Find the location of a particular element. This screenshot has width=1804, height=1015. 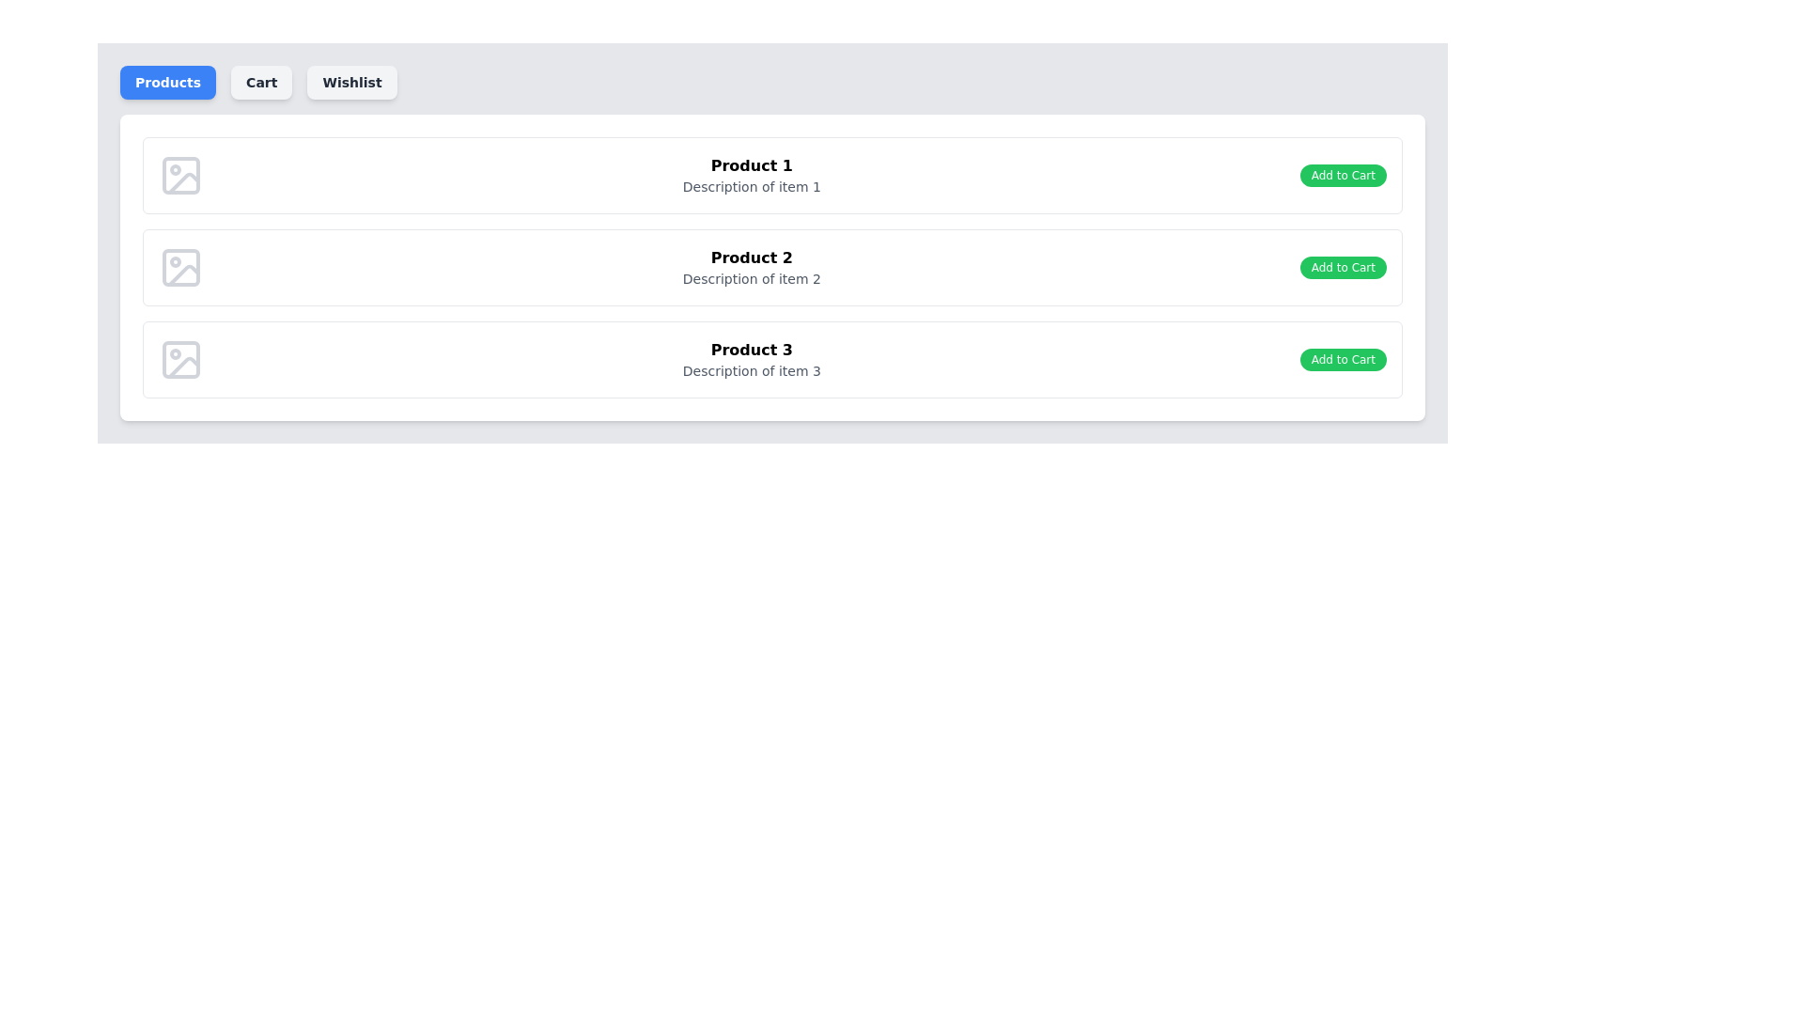

the appearance of the image placeholder icon located at the top-left corner of the 'Product 2' card is located at coordinates (180, 268).